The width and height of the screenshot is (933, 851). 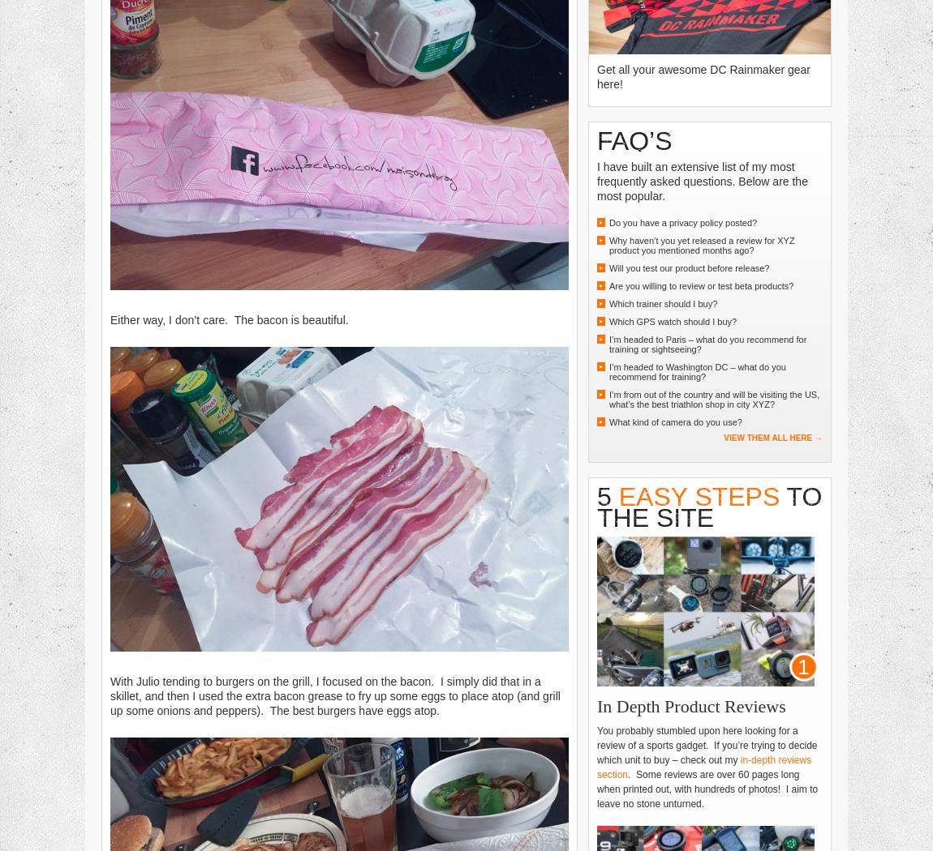 I want to click on 'View Them All Here →', so click(x=773, y=437).